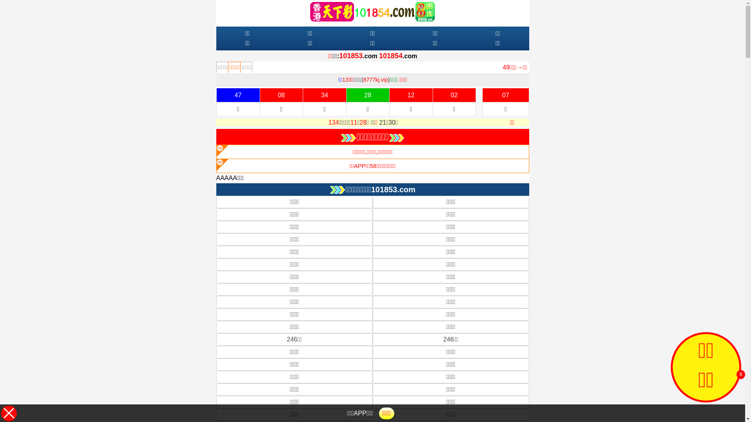  What do you see at coordinates (740, 374) in the screenshot?
I see `'x'` at bounding box center [740, 374].